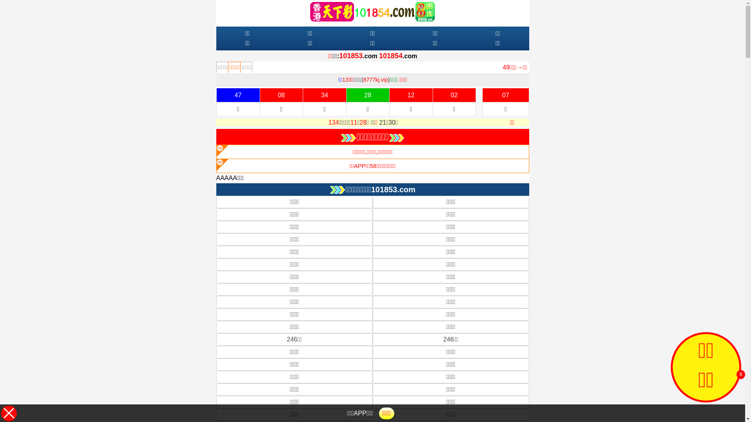  What do you see at coordinates (740, 374) in the screenshot?
I see `'x'` at bounding box center [740, 374].